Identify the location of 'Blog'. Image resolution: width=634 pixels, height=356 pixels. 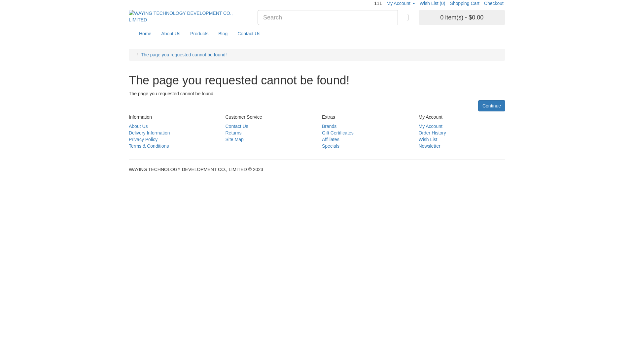
(223, 33).